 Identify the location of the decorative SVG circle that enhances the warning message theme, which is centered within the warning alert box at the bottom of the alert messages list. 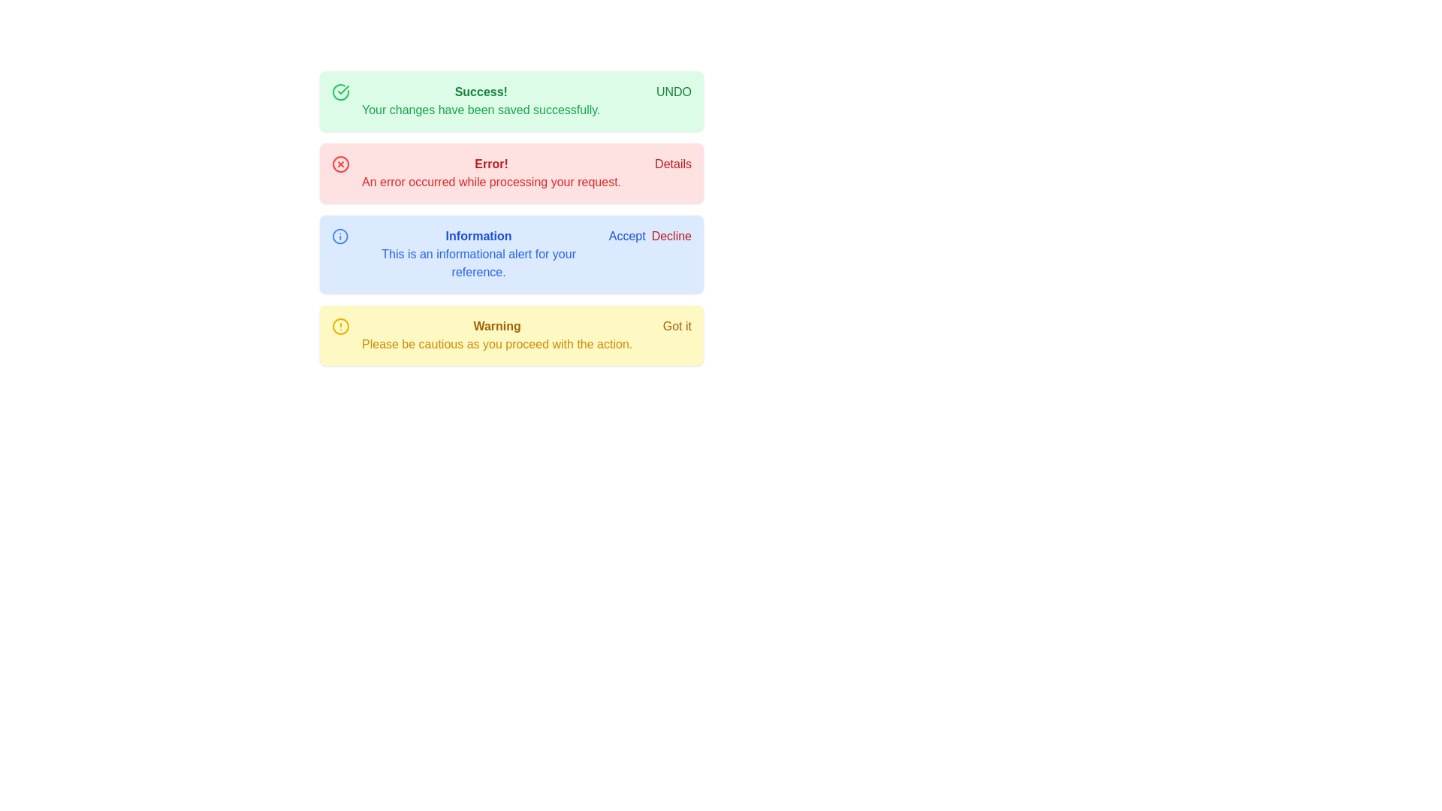
(340, 326).